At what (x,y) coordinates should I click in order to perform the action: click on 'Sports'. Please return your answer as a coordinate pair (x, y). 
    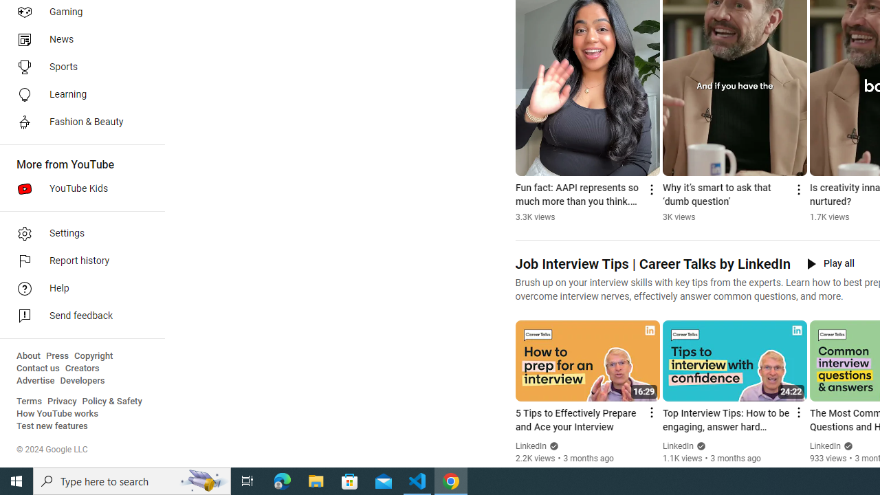
    Looking at the image, I should click on (77, 67).